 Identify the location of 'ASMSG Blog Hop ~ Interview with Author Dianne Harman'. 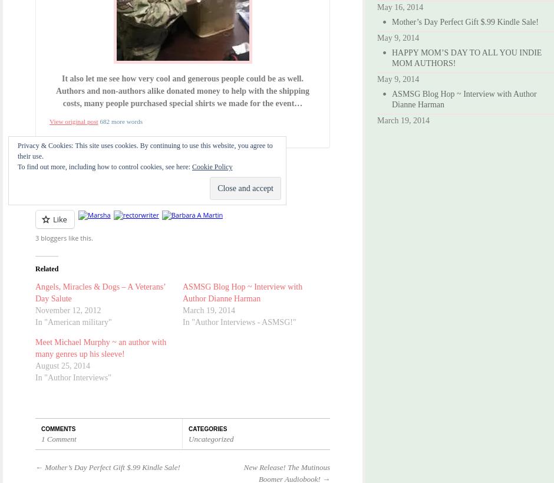
(464, 98).